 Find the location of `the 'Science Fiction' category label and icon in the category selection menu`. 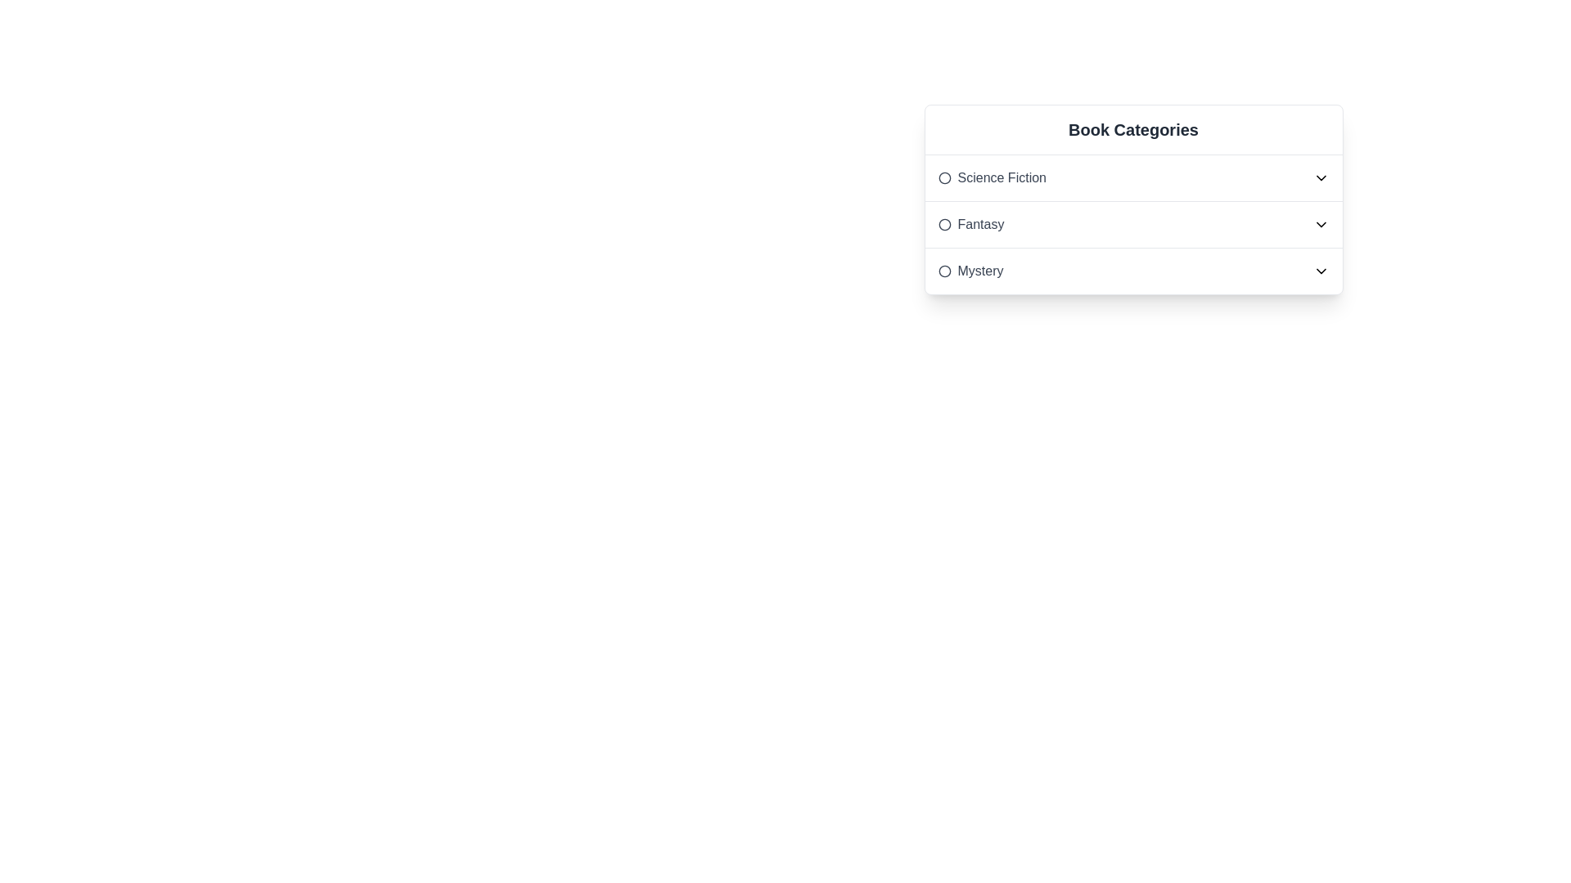

the 'Science Fiction' category label and icon in the category selection menu is located at coordinates (991, 178).